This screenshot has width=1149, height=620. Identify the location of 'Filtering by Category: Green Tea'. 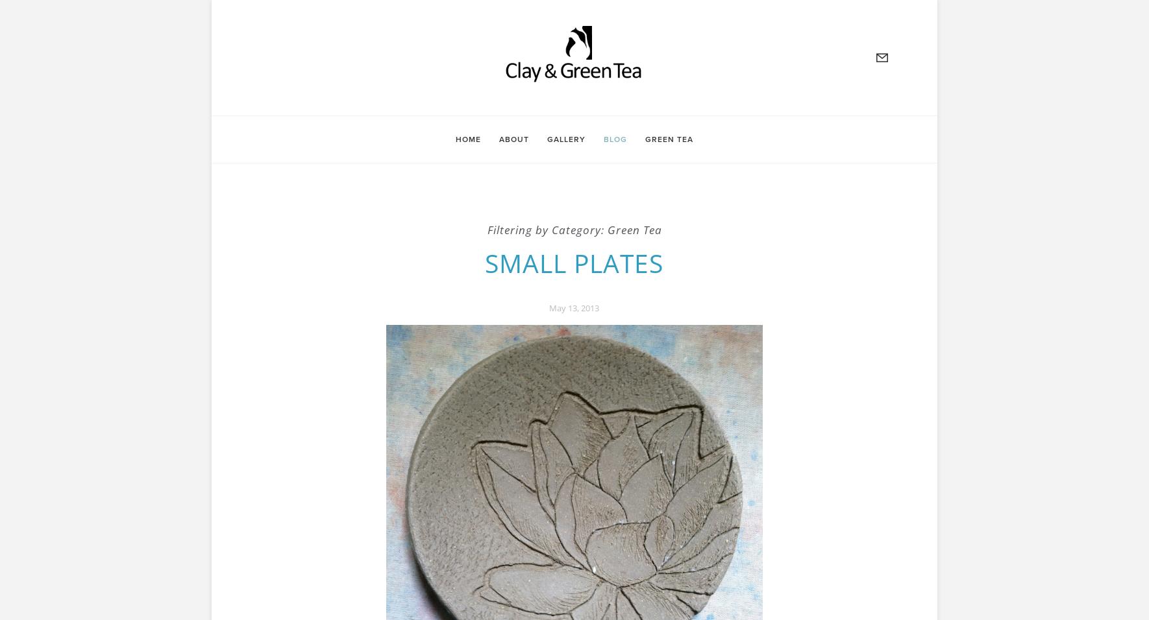
(486, 229).